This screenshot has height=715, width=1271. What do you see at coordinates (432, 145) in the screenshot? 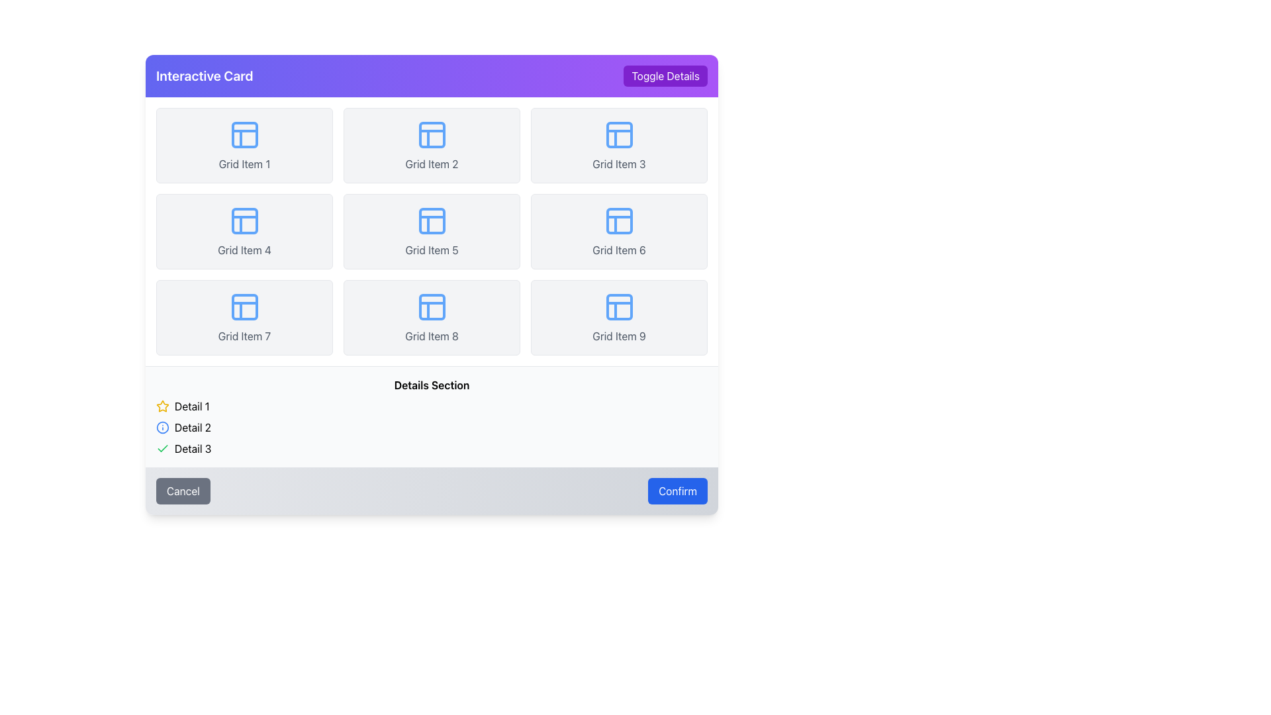
I see `the icon and label of the grid cell located in the second column of the first row, which represents an option or category within the interface` at bounding box center [432, 145].